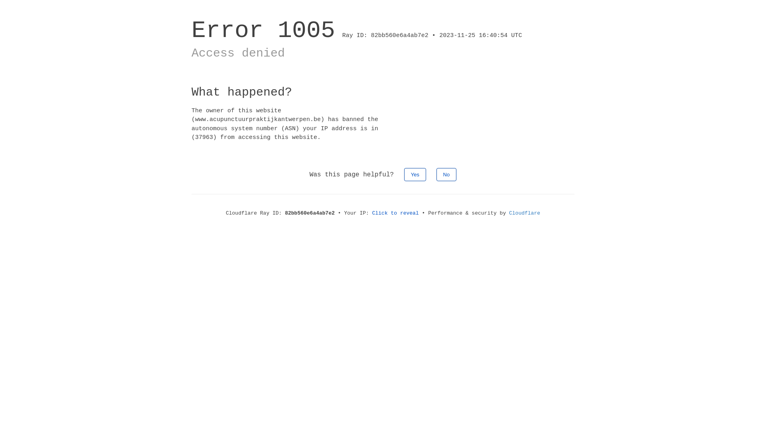 The height and width of the screenshot is (430, 766). Describe the element at coordinates (415, 174) in the screenshot. I see `'Yes'` at that location.